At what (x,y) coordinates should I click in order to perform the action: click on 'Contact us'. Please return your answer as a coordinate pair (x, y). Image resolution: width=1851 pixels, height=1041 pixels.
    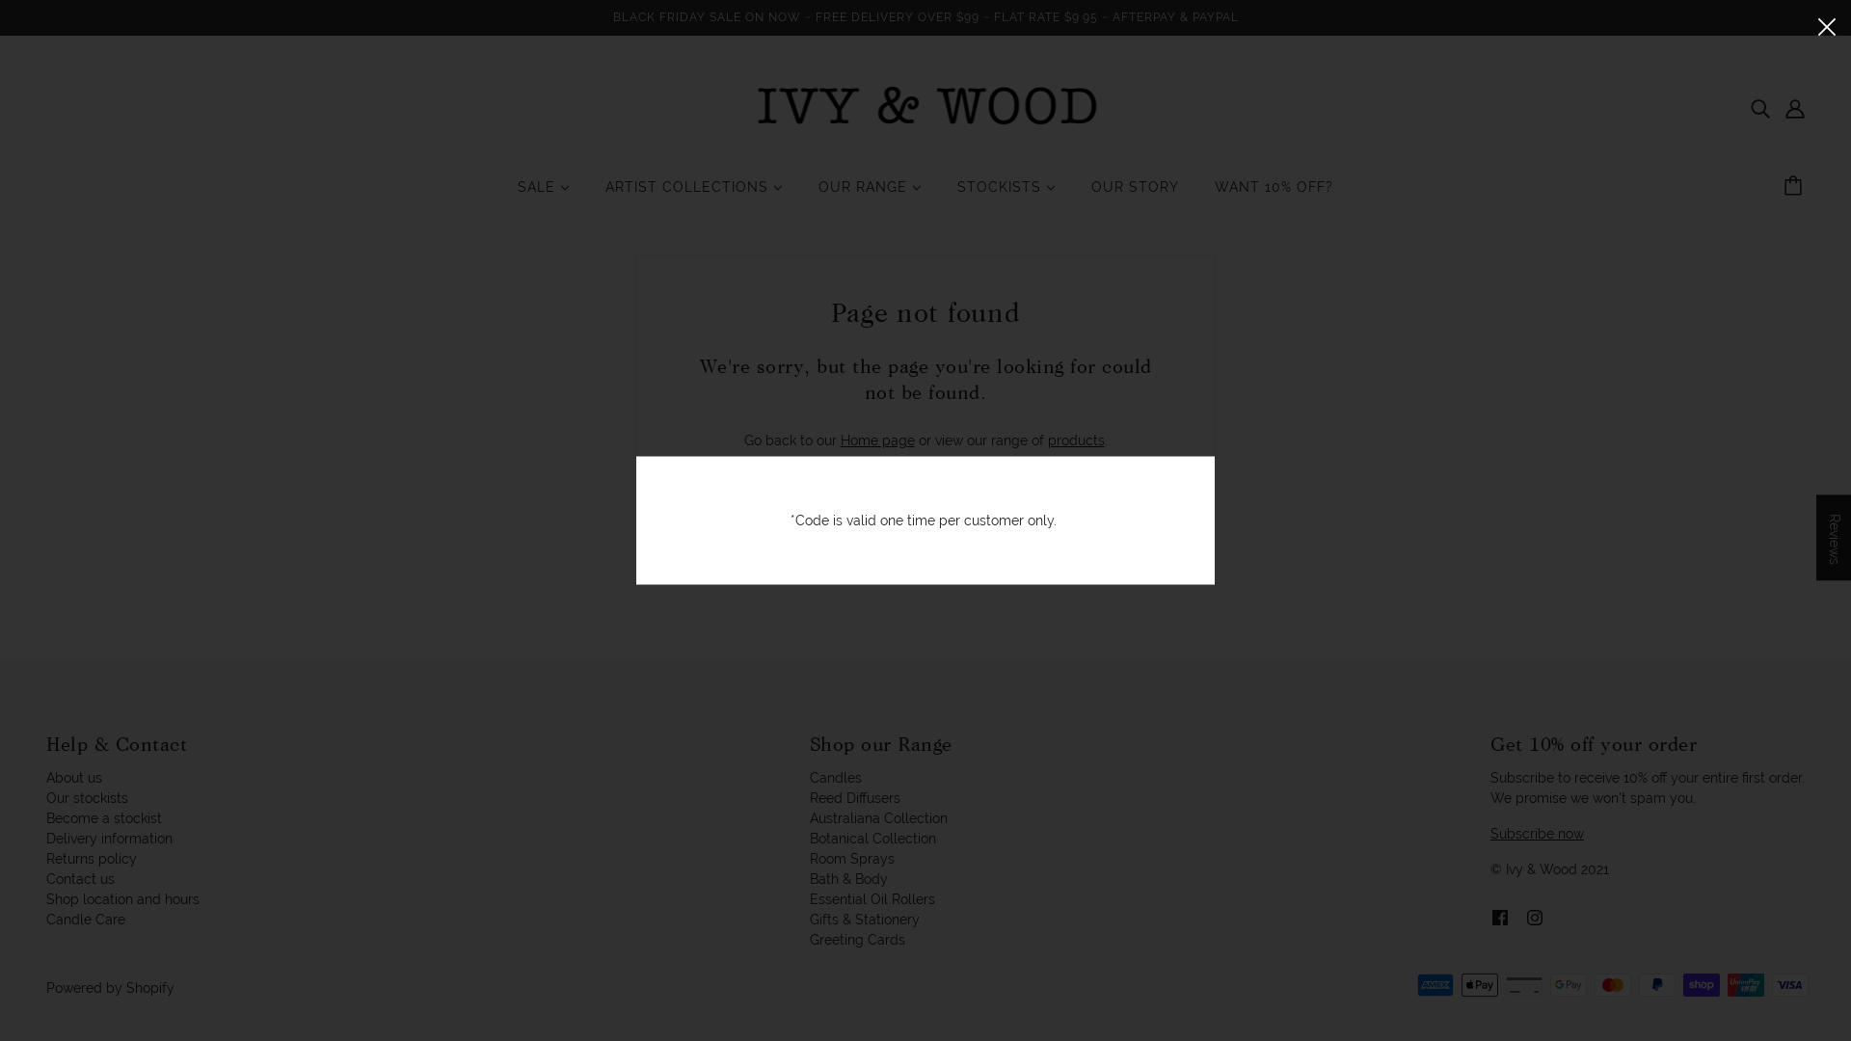
    Looking at the image, I should click on (79, 878).